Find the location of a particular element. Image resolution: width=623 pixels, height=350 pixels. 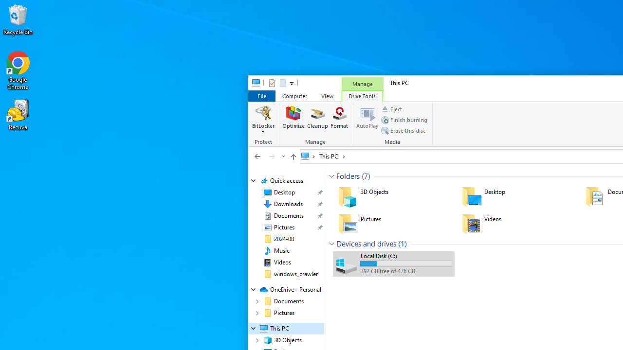

'Finish burning' is located at coordinates (404, 119).